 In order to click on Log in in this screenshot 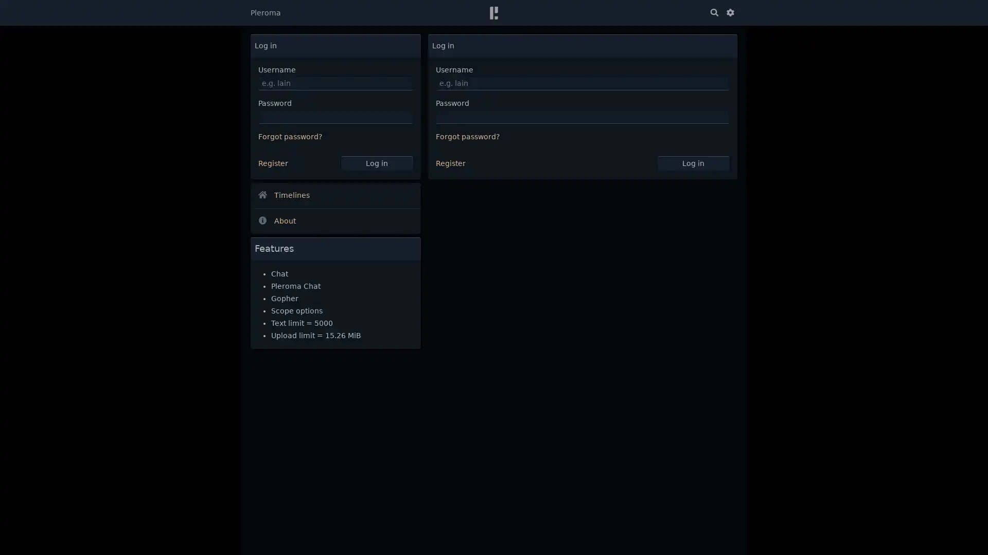, I will do `click(376, 162)`.